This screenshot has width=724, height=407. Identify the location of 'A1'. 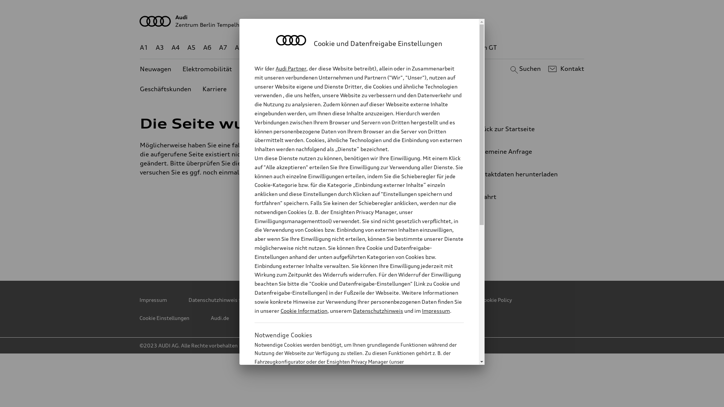
(144, 47).